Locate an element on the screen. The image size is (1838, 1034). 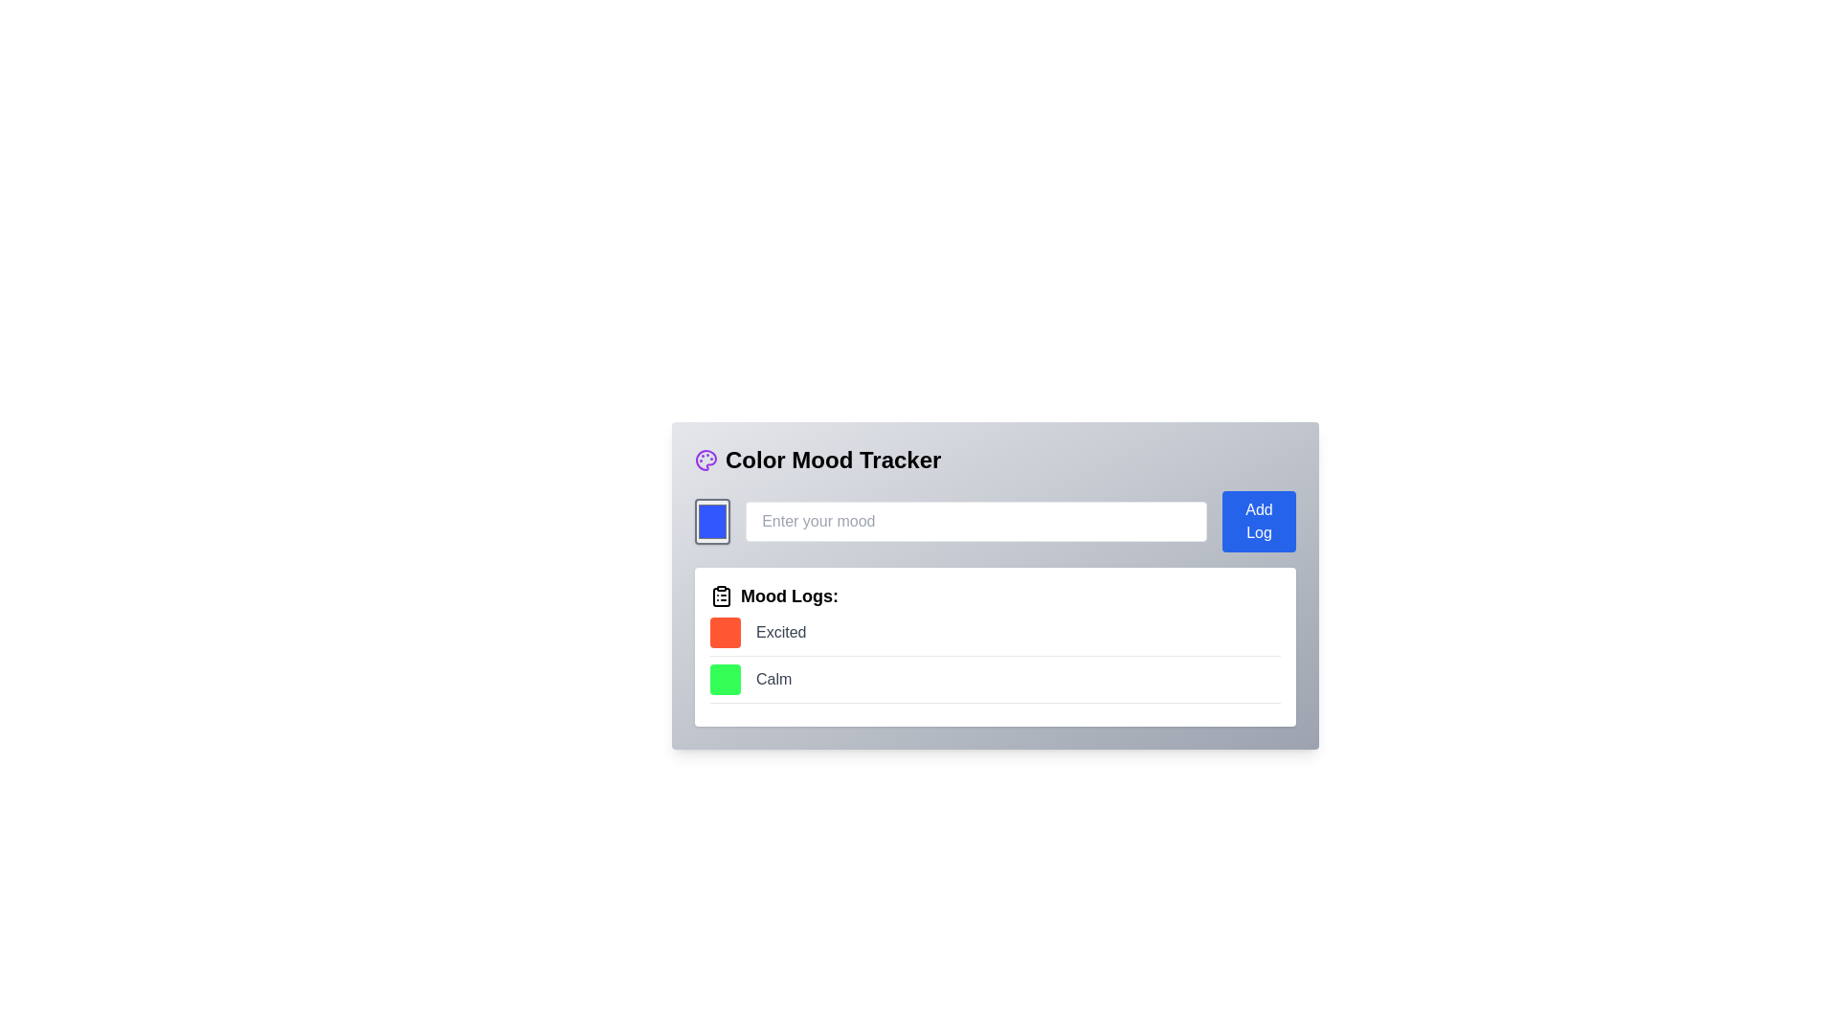
the static text label displaying 'Excited' in the 'Mood Logs' section, which is the first entry above 'Calm' is located at coordinates (781, 632).